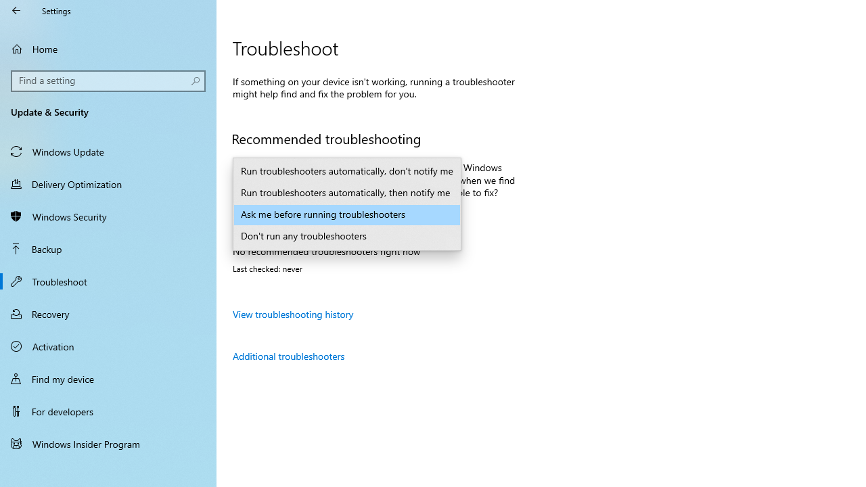 The image size is (866, 487). What do you see at coordinates (108, 411) in the screenshot?
I see `'For developers'` at bounding box center [108, 411].